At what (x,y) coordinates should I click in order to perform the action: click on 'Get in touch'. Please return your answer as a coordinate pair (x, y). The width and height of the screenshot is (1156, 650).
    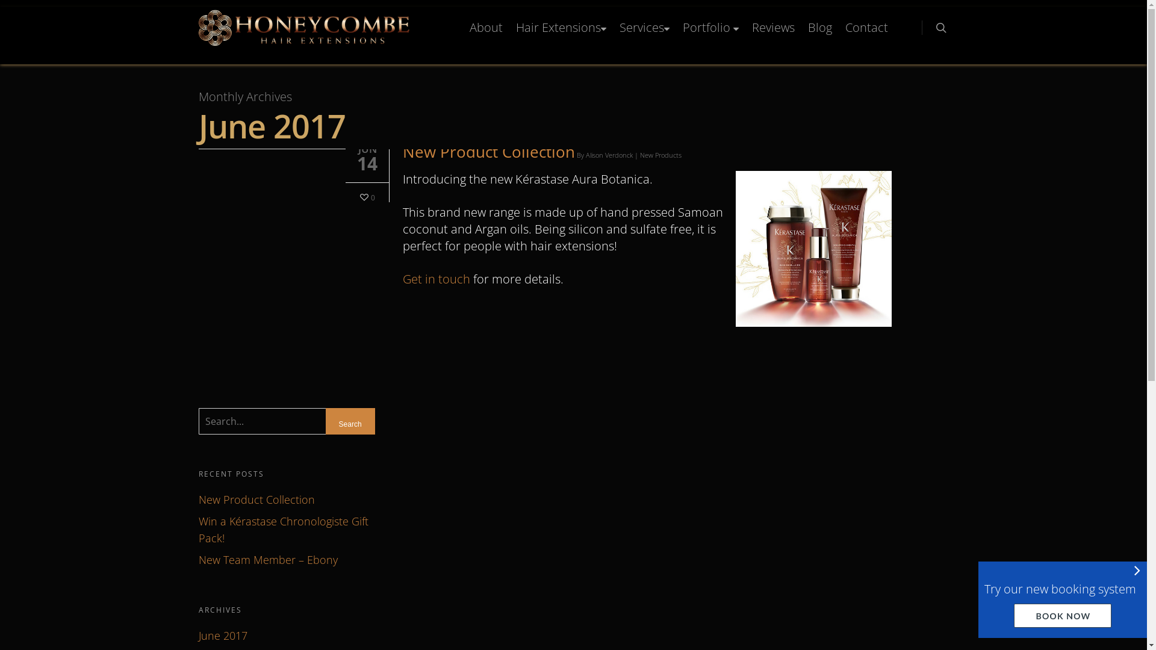
    Looking at the image, I should click on (402, 279).